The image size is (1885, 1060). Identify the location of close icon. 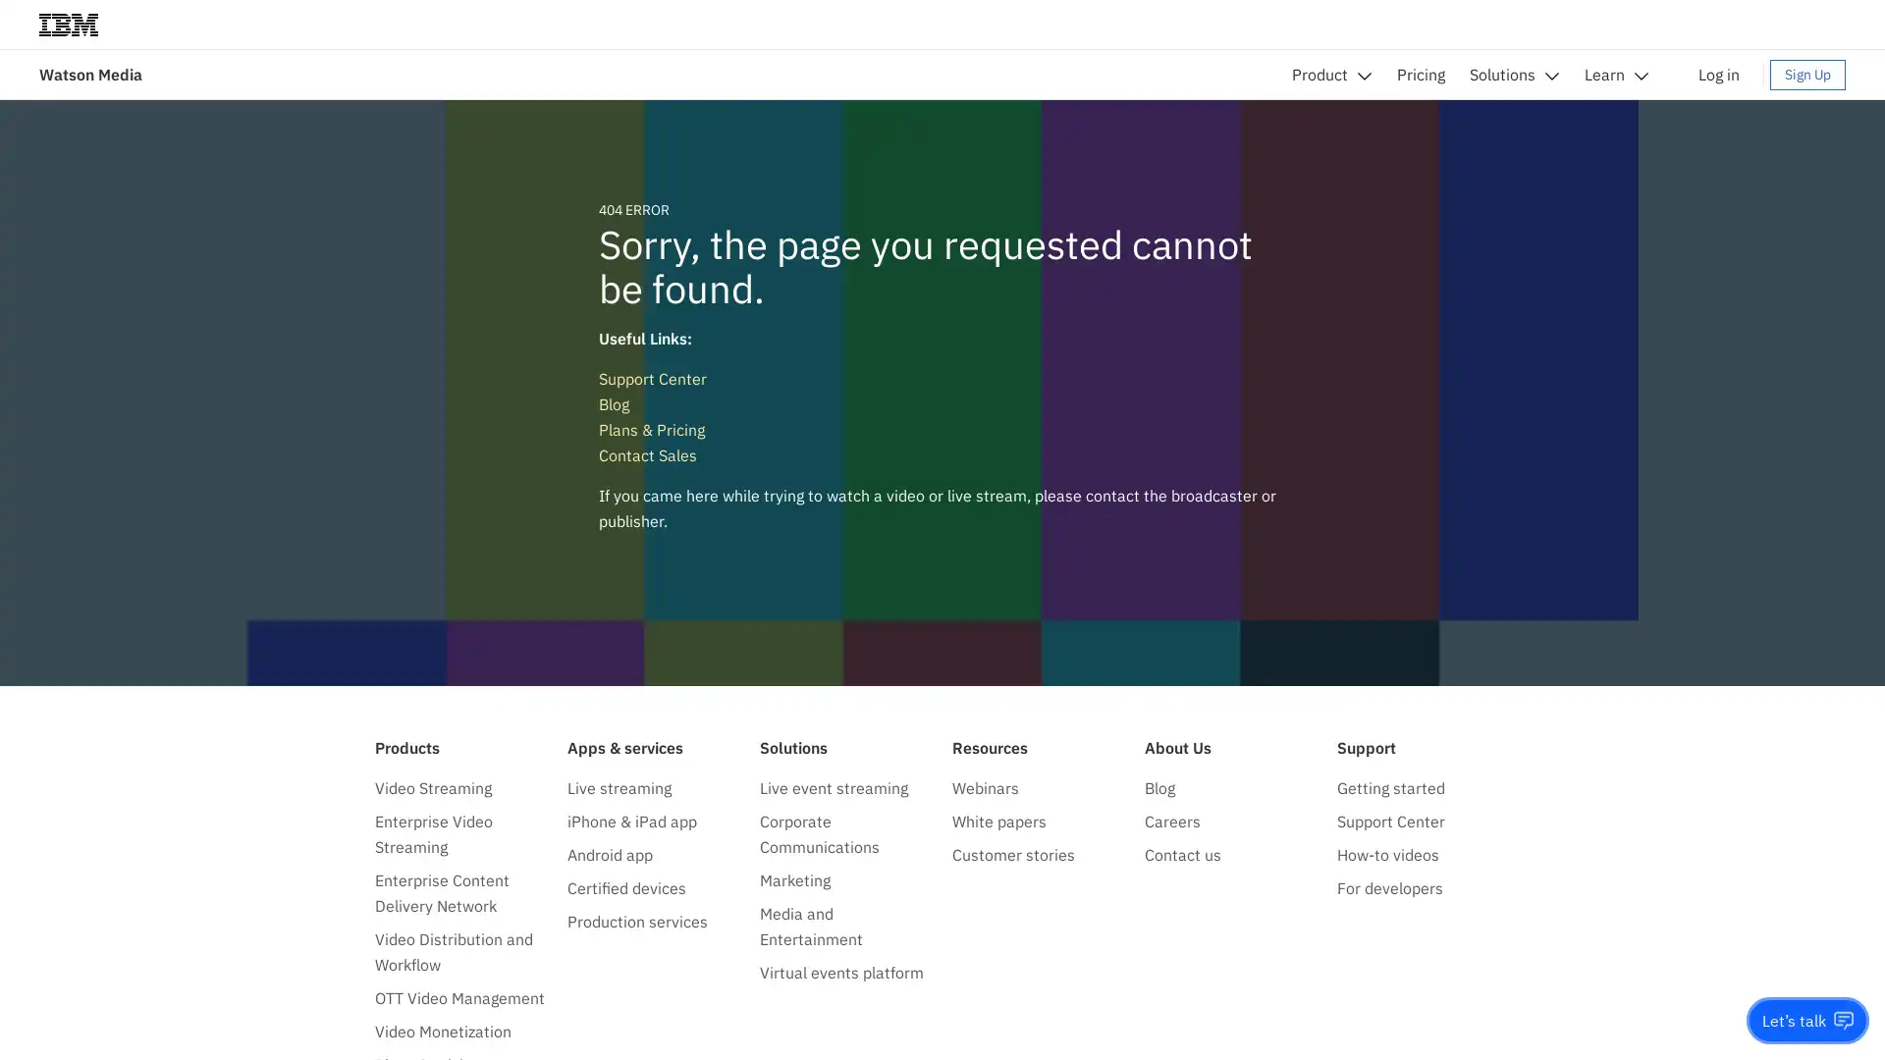
(1869, 884).